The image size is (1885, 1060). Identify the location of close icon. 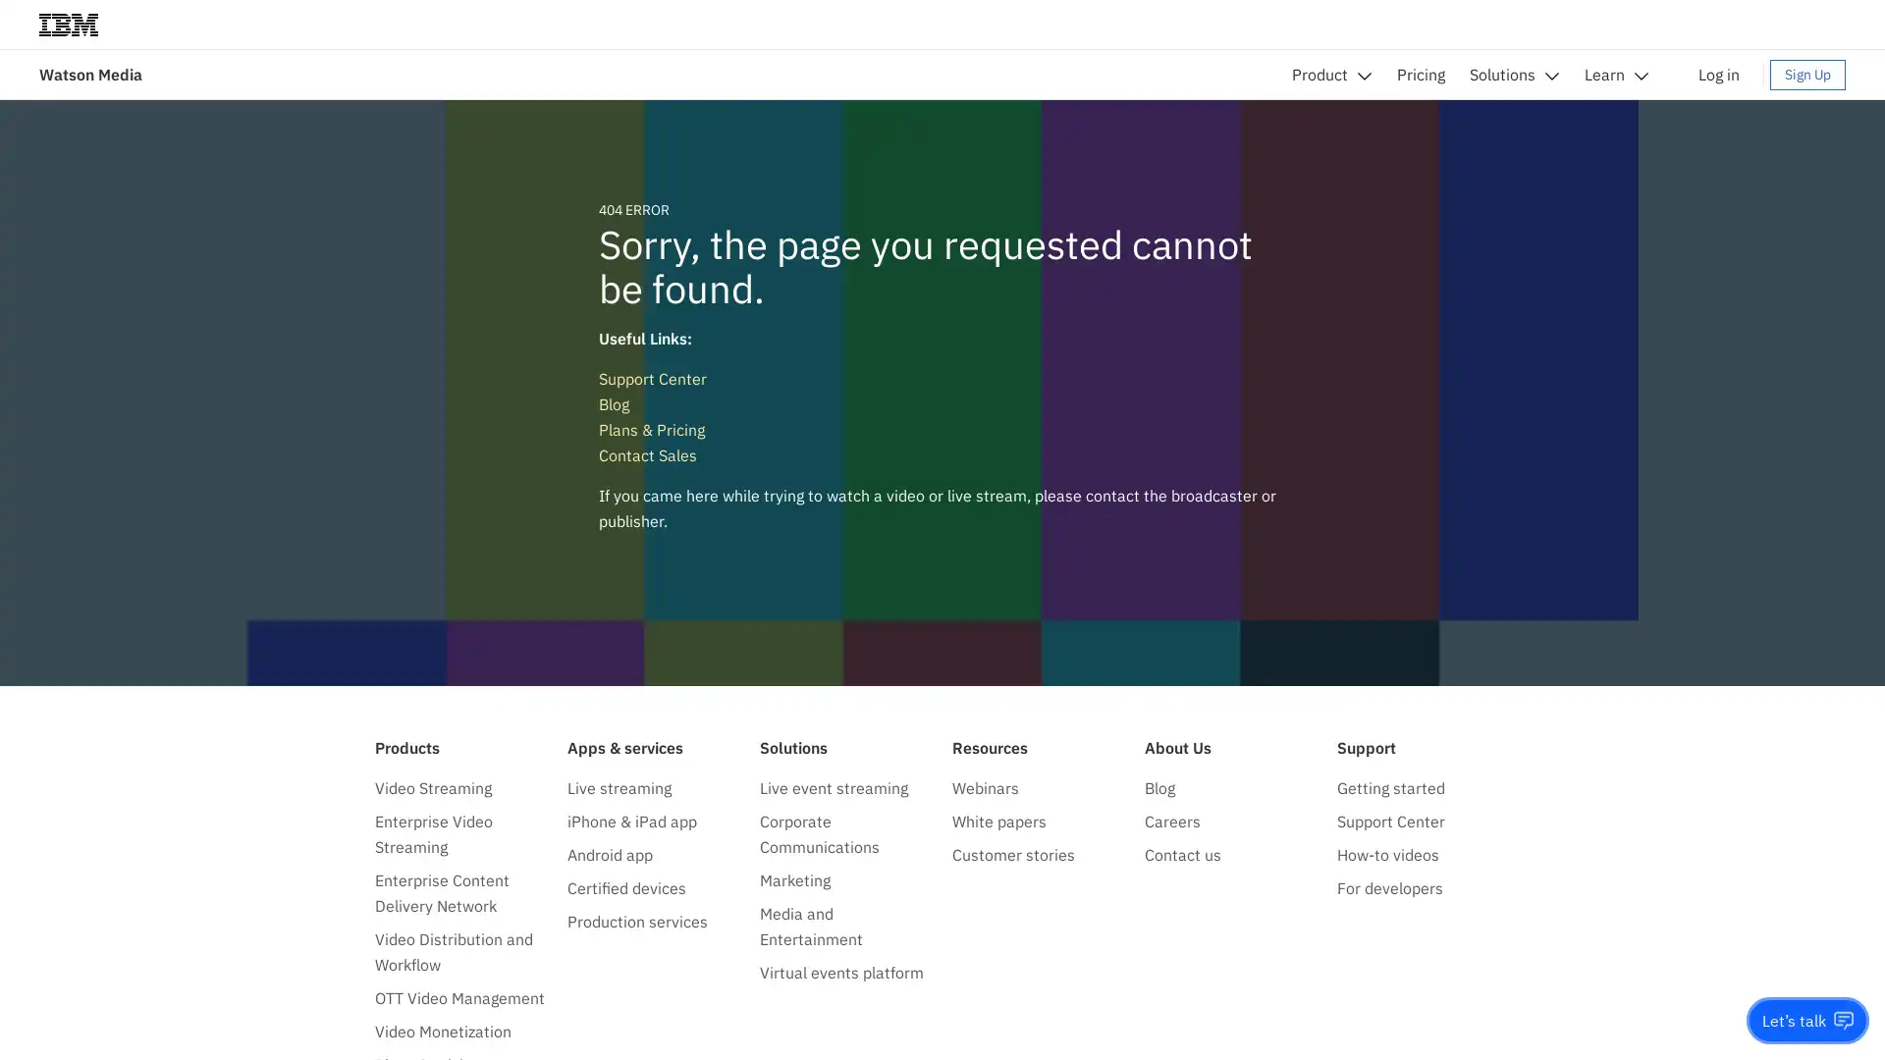
(1869, 884).